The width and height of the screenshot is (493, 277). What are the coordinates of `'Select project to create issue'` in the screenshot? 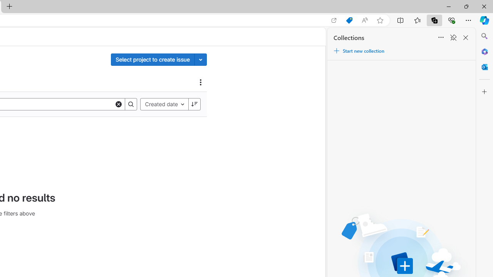 It's located at (153, 59).